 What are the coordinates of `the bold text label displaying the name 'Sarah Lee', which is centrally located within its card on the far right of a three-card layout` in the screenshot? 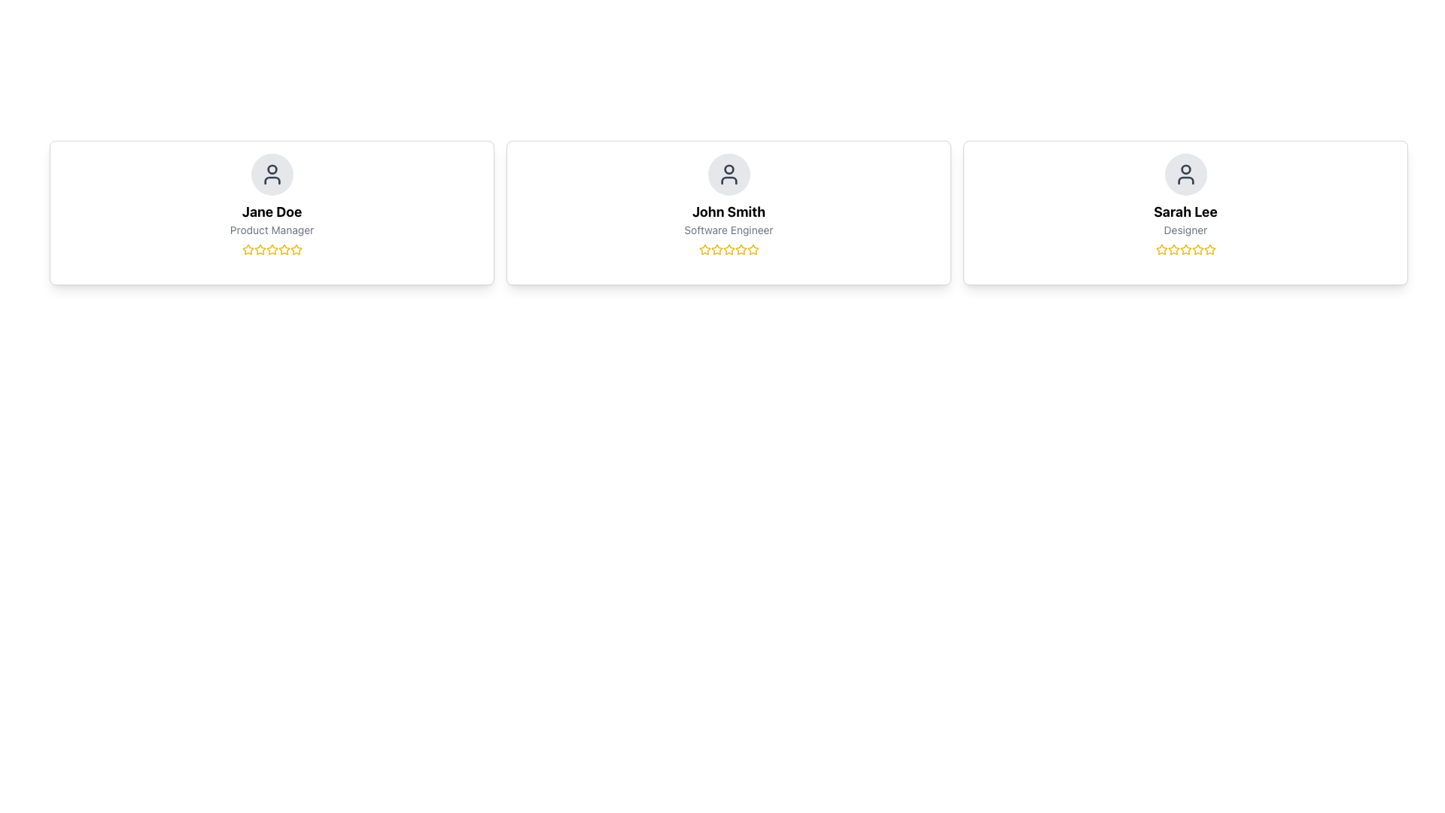 It's located at (1185, 212).